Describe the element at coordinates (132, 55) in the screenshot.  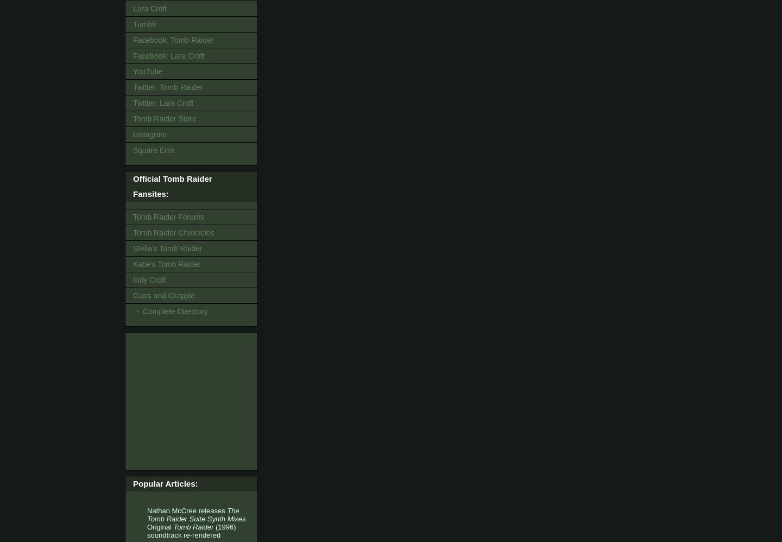
I see `'Facebook: Lara Croft'` at that location.